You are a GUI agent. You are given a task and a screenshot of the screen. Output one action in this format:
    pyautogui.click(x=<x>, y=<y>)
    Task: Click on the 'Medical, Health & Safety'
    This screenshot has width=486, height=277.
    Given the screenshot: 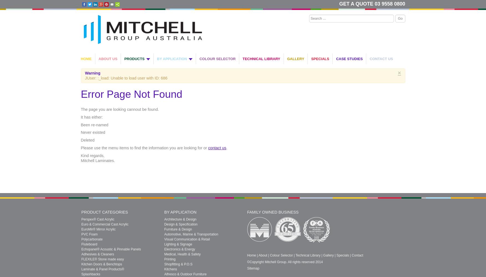 What is the action you would take?
    pyautogui.click(x=182, y=254)
    